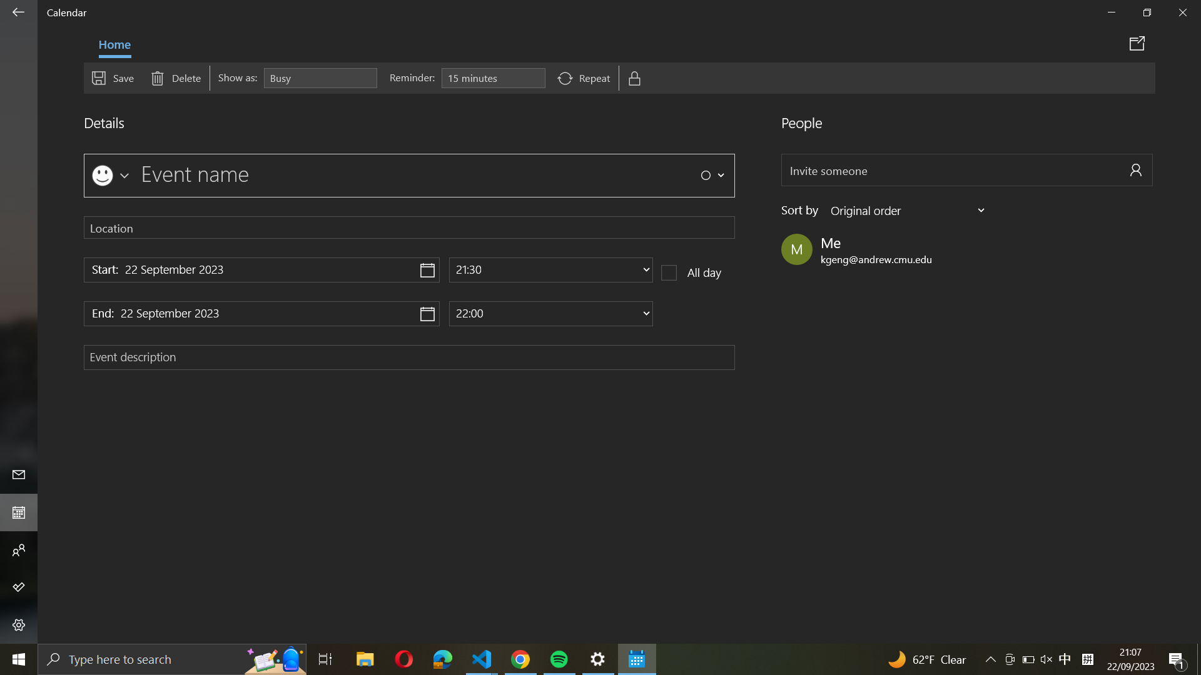 Image resolution: width=1201 pixels, height=675 pixels. What do you see at coordinates (109, 173) in the screenshot?
I see `a conference meeting labeled as "Annual Business Review" with business emoji` at bounding box center [109, 173].